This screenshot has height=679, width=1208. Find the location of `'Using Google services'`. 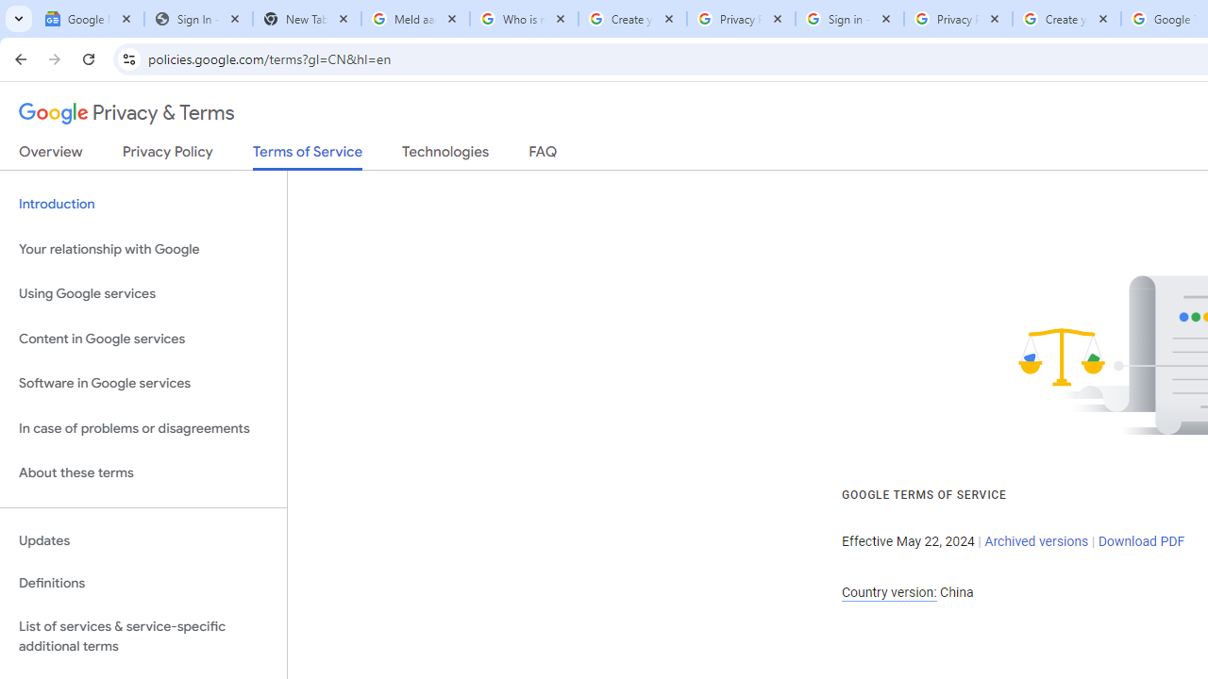

'Using Google services' is located at coordinates (143, 294).